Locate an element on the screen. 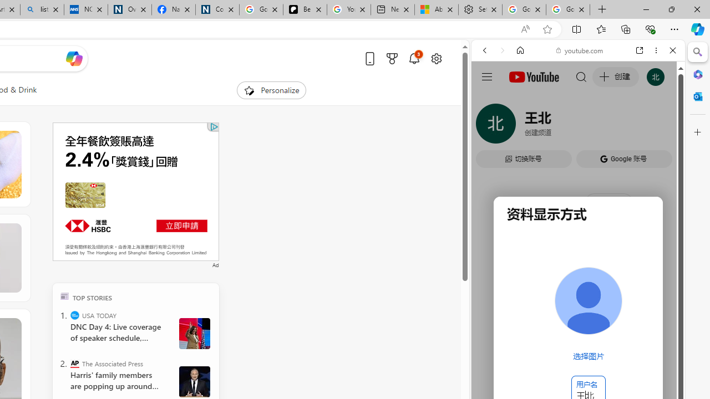 Image resolution: width=710 pixels, height=399 pixels. 'USA TODAY' is located at coordinates (74, 315).